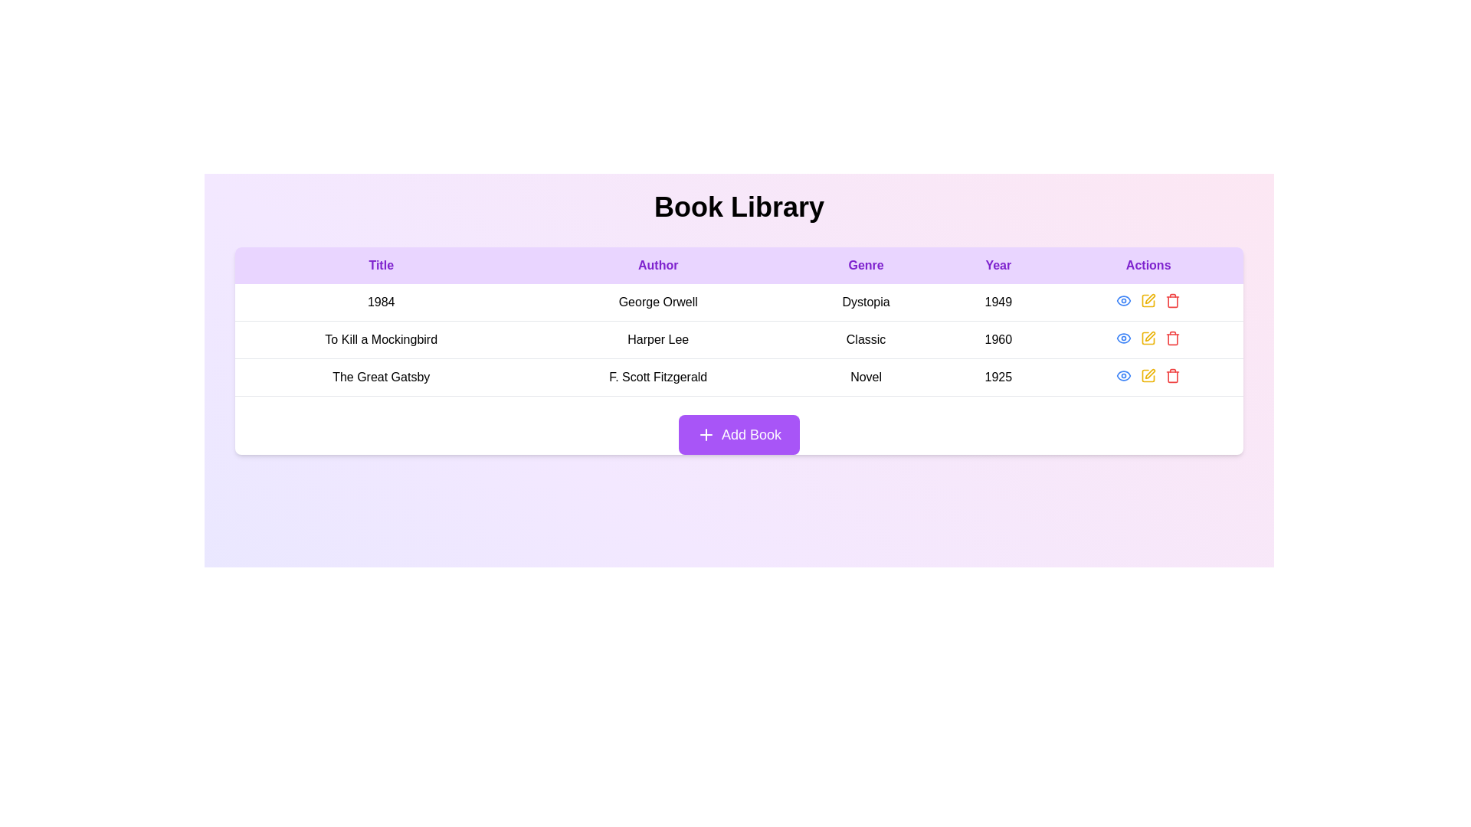 Image resolution: width=1471 pixels, height=827 pixels. I want to click on the text label displaying 'To Kill a Mockingbird' in a prominent black font, located in the second row of the table under the 'Title' column, so click(381, 338).